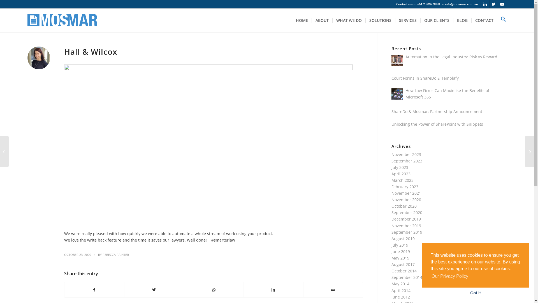  I want to click on 'October 2014', so click(404, 270).